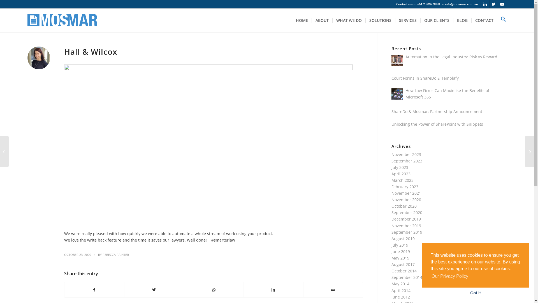  I want to click on 'October 2014', so click(404, 270).